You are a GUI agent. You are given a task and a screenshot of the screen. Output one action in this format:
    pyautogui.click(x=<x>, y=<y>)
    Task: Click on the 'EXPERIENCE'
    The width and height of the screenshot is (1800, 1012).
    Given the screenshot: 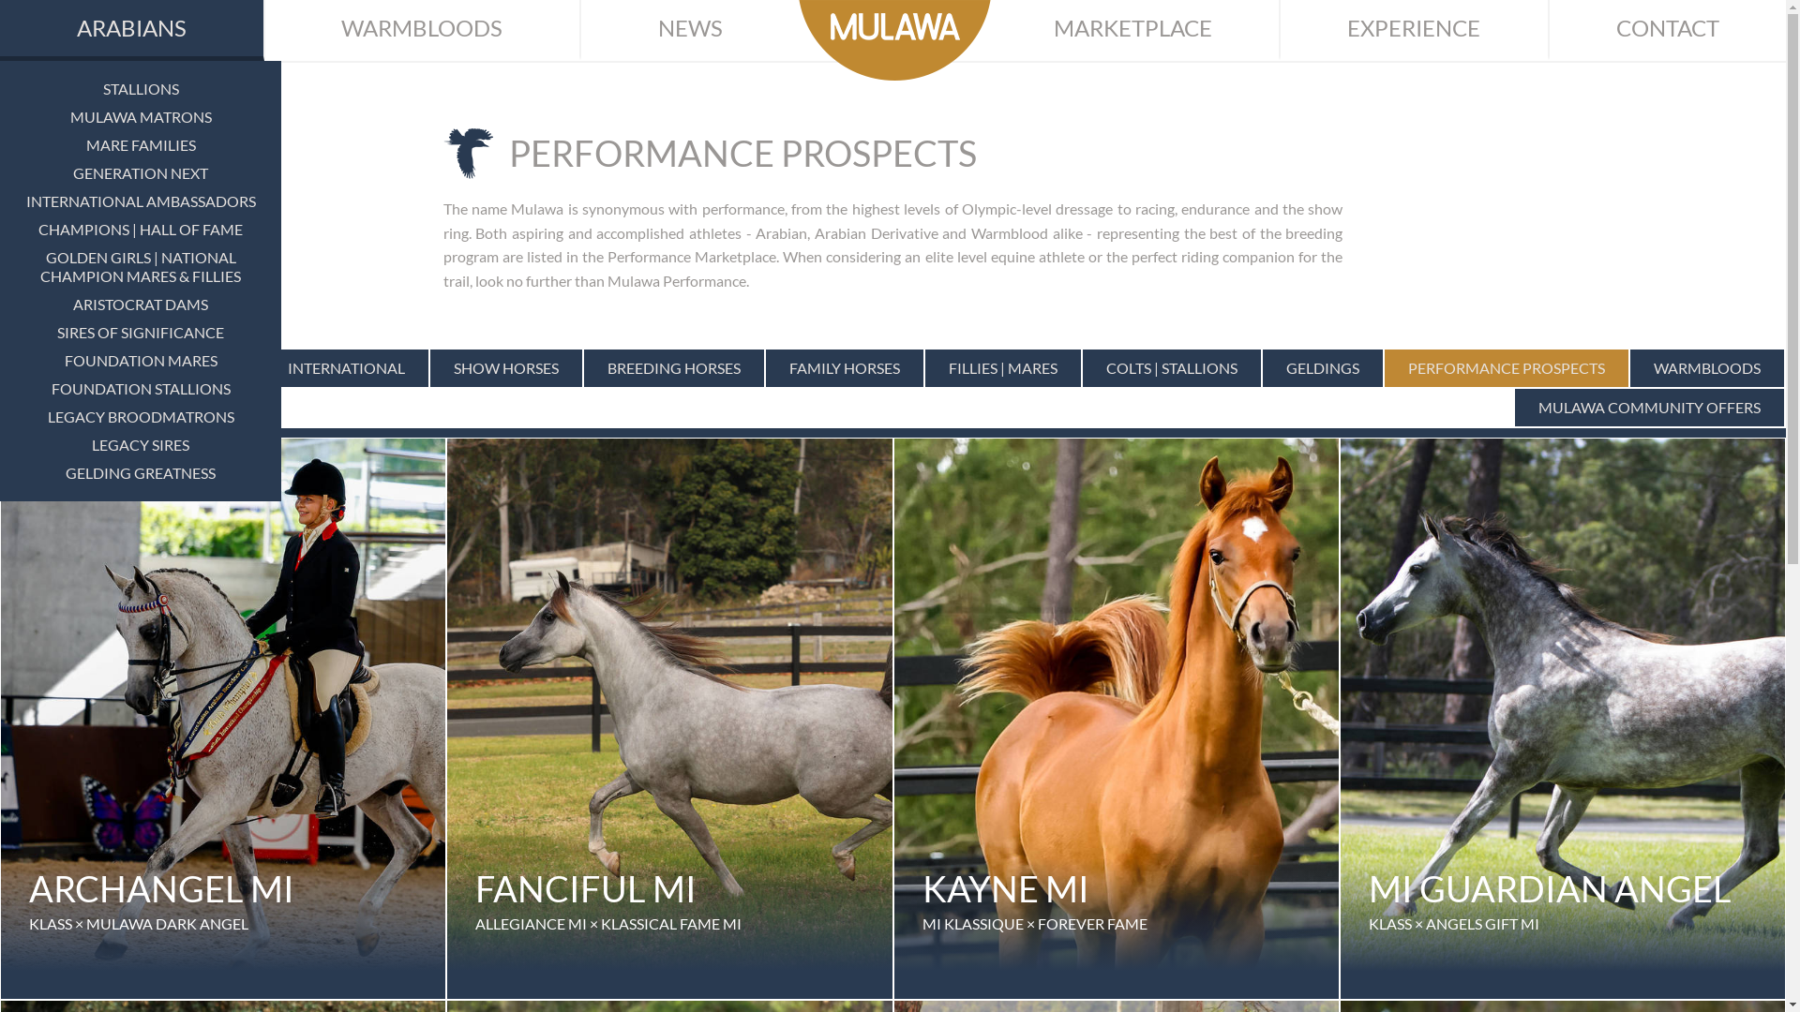 What is the action you would take?
    pyautogui.click(x=1414, y=30)
    